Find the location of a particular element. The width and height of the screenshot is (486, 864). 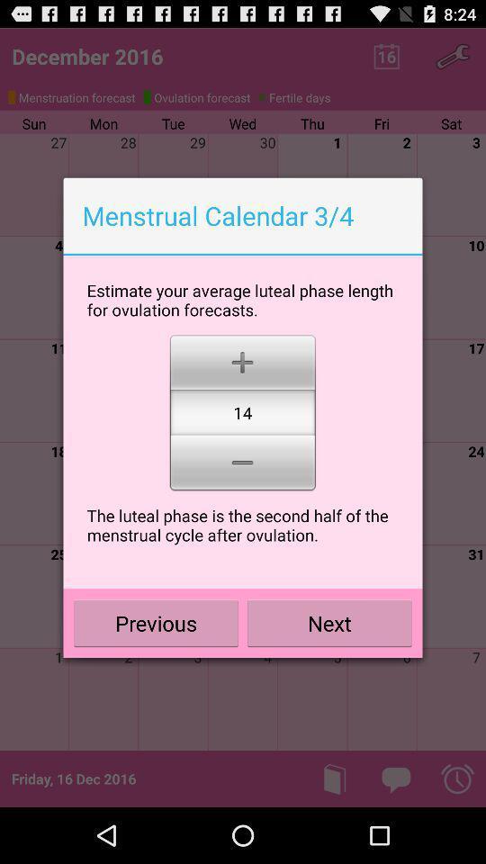

the icon below the luteal phase app is located at coordinates (156, 623).